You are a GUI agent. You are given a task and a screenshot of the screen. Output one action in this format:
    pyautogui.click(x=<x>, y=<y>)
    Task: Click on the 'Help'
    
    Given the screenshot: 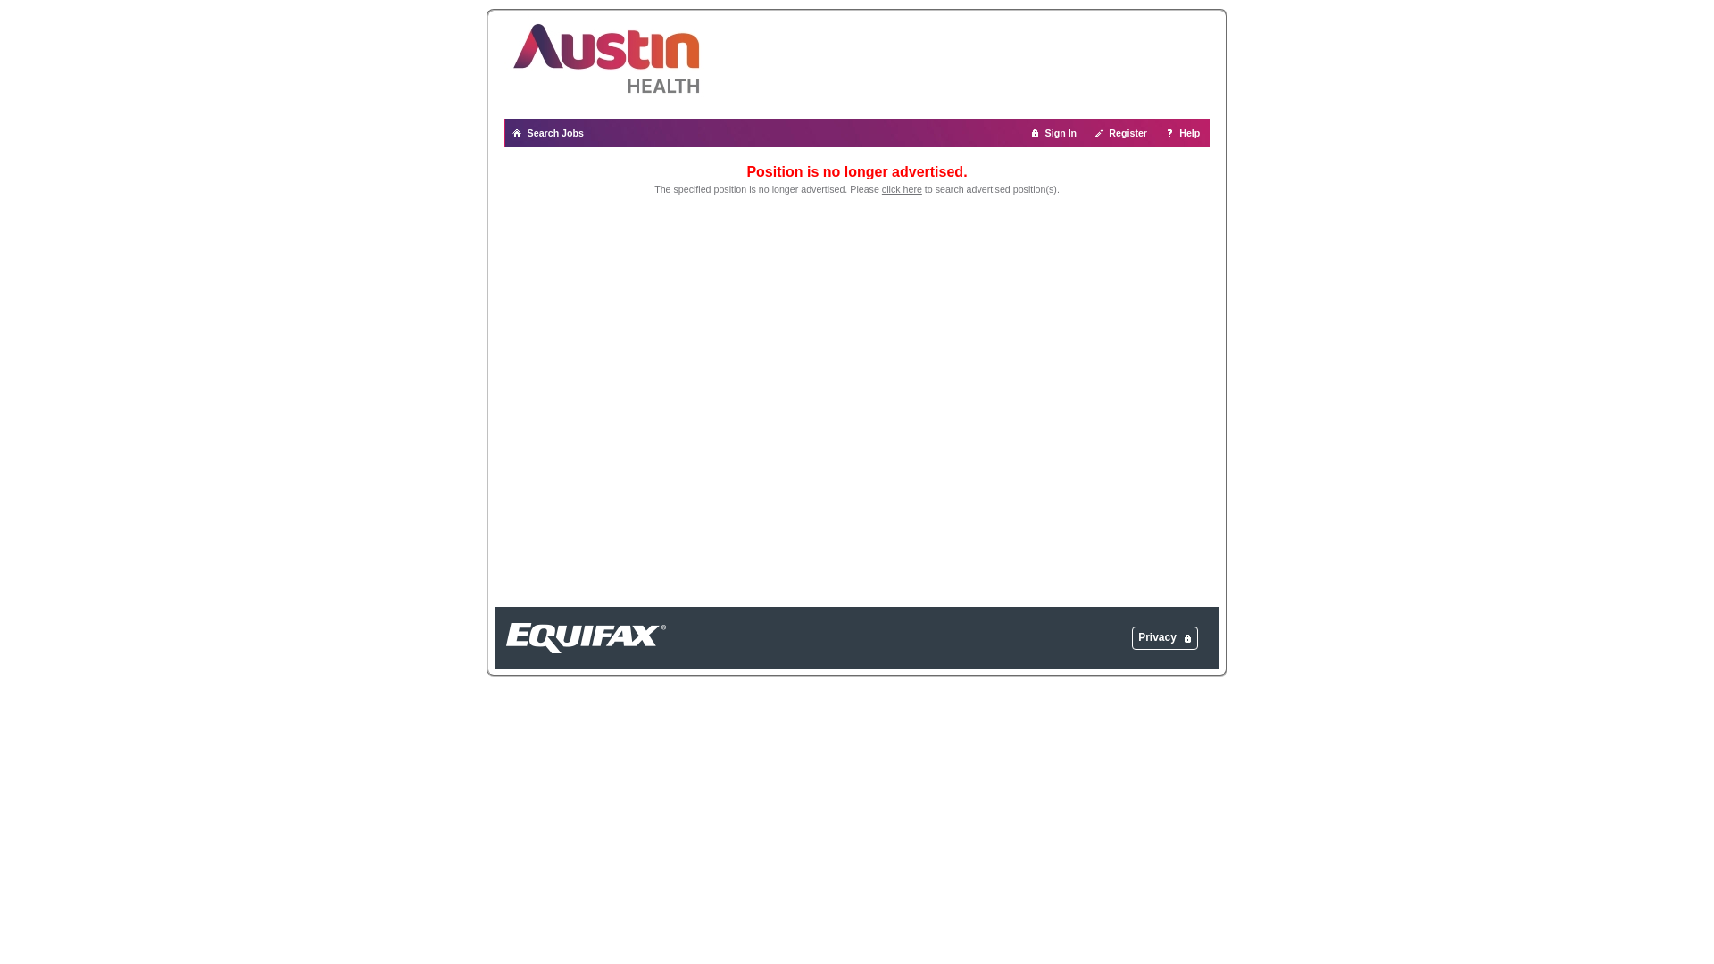 What is the action you would take?
    pyautogui.click(x=1183, y=132)
    